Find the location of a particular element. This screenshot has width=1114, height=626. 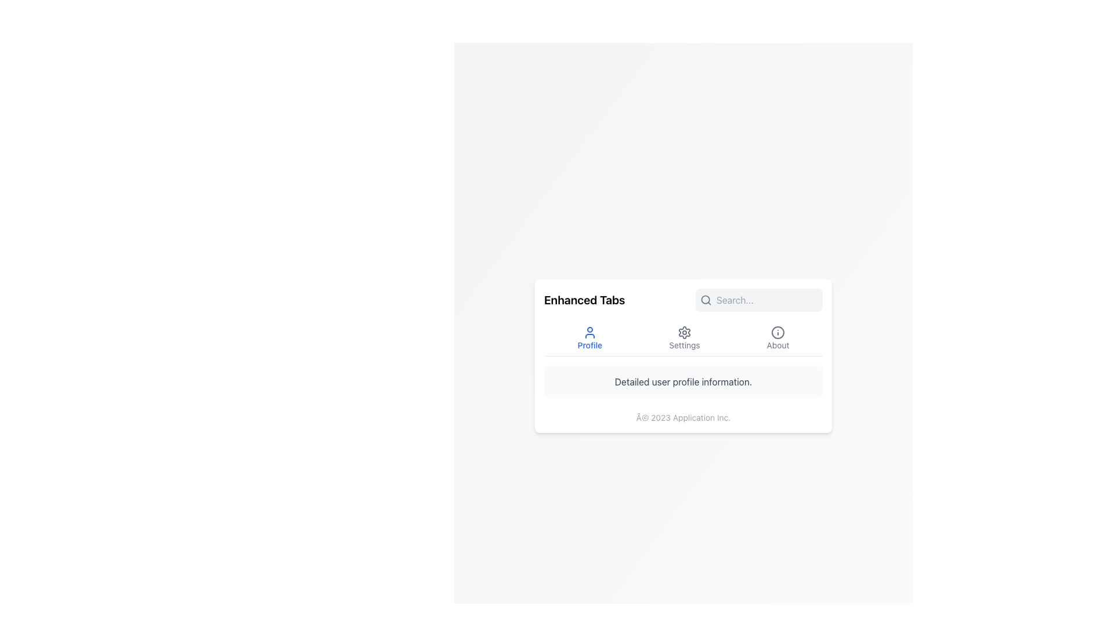

the search icon located at the top-right corner of the search bar, which visually indicates the search functionality is located at coordinates (706, 299).